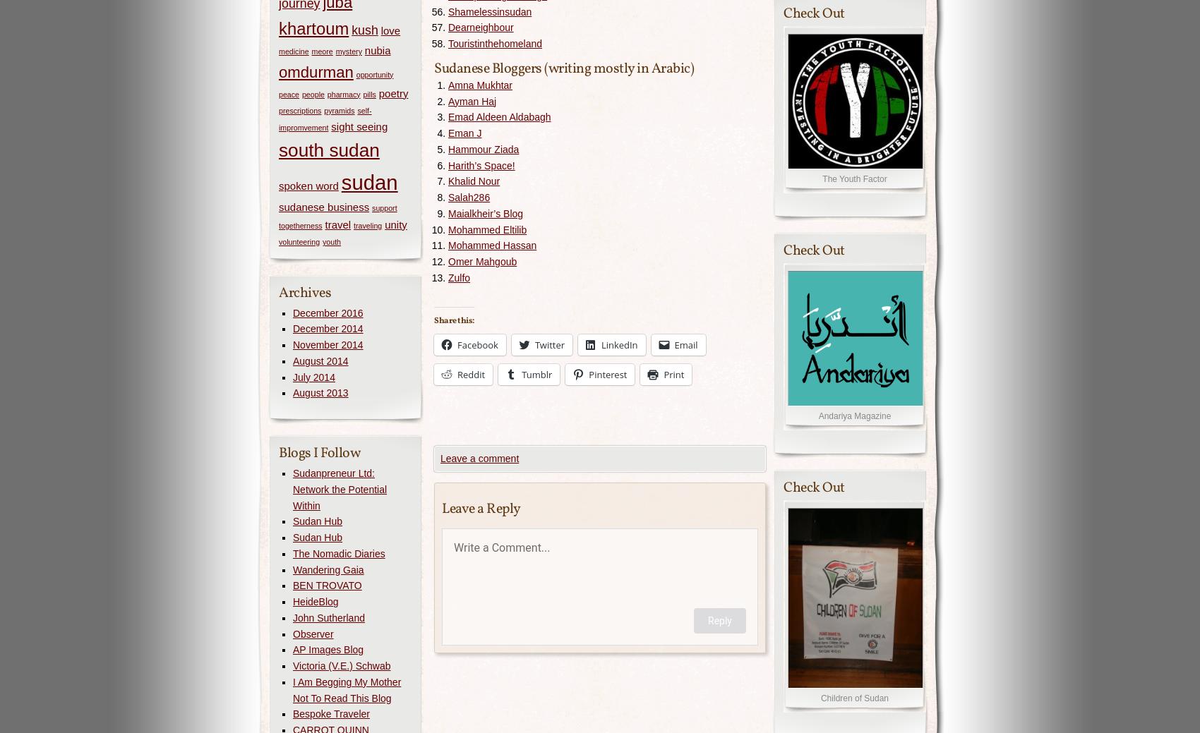 This screenshot has width=1200, height=733. I want to click on 'Emad Aldeen Aldabagh', so click(499, 116).